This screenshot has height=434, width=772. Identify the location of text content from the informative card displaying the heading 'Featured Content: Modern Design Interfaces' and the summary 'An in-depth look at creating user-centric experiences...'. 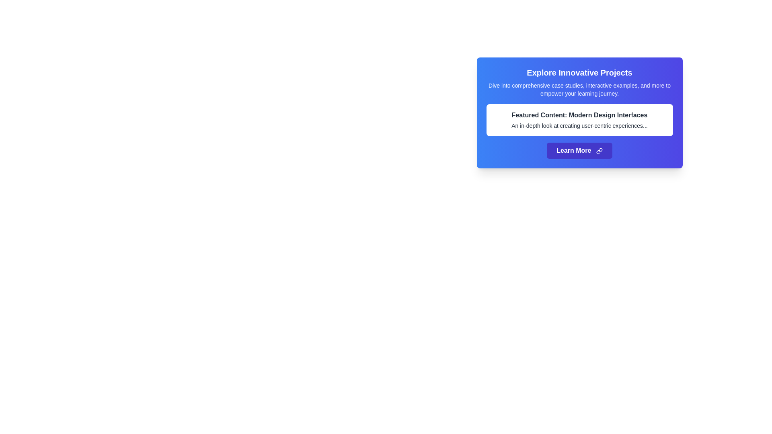
(579, 120).